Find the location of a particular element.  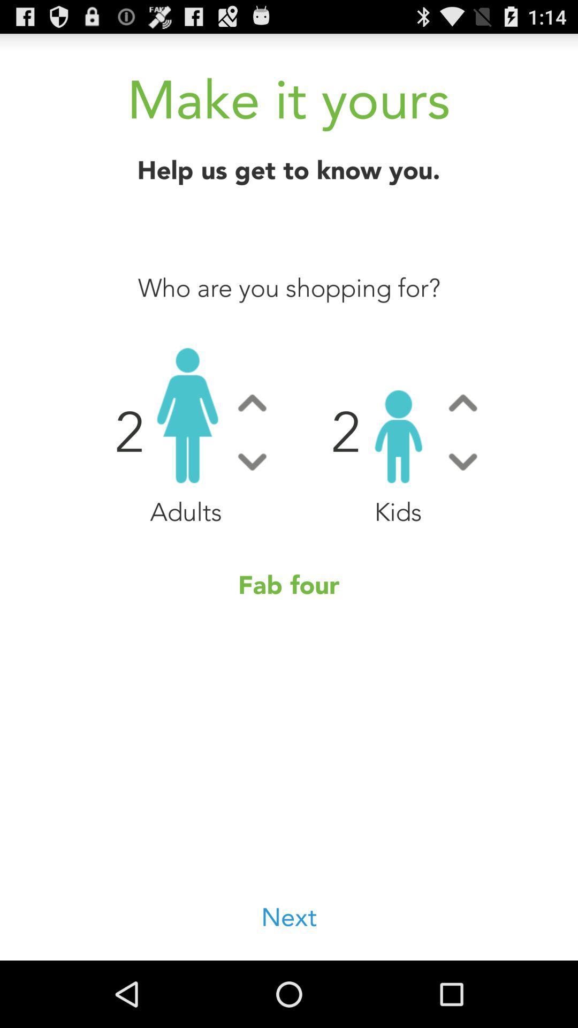

the expand_more icon is located at coordinates (252, 494).